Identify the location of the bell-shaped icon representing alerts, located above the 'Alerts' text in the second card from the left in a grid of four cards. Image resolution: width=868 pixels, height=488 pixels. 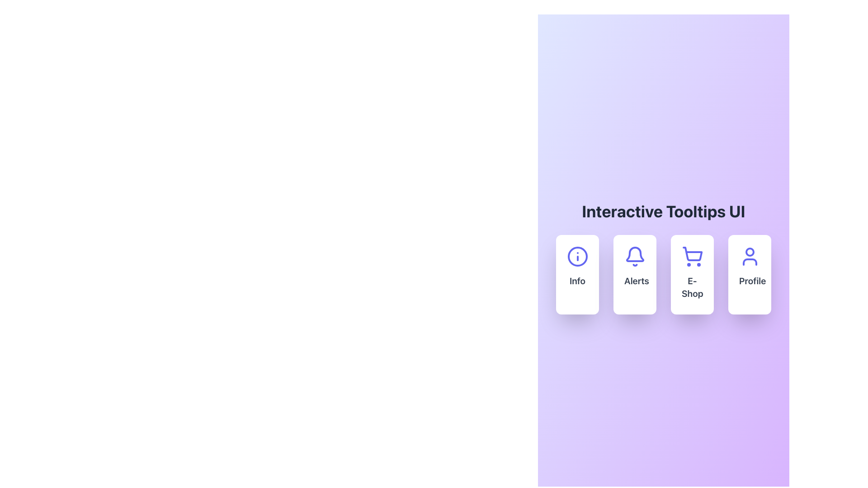
(635, 256).